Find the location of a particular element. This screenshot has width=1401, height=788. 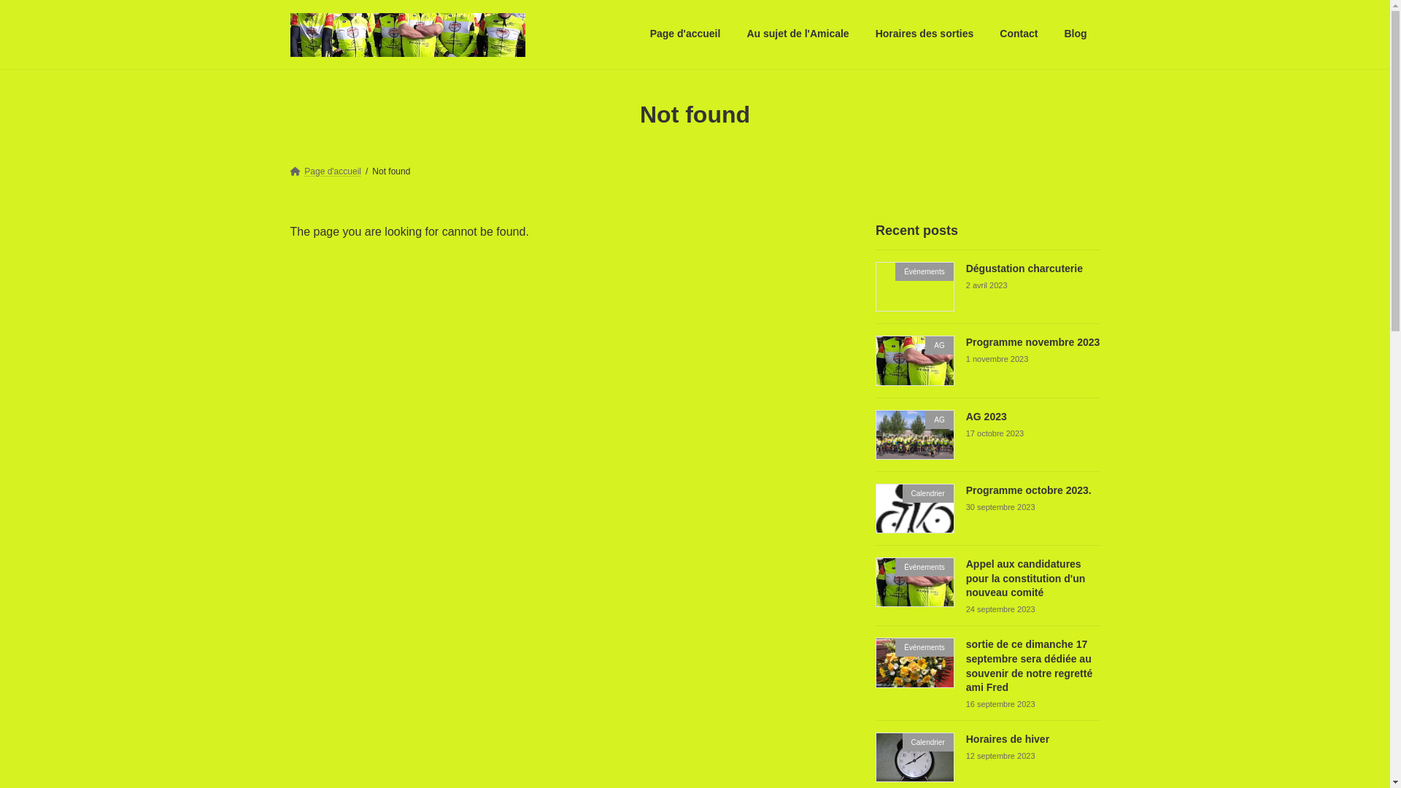

'Blog' is located at coordinates (1075, 33).